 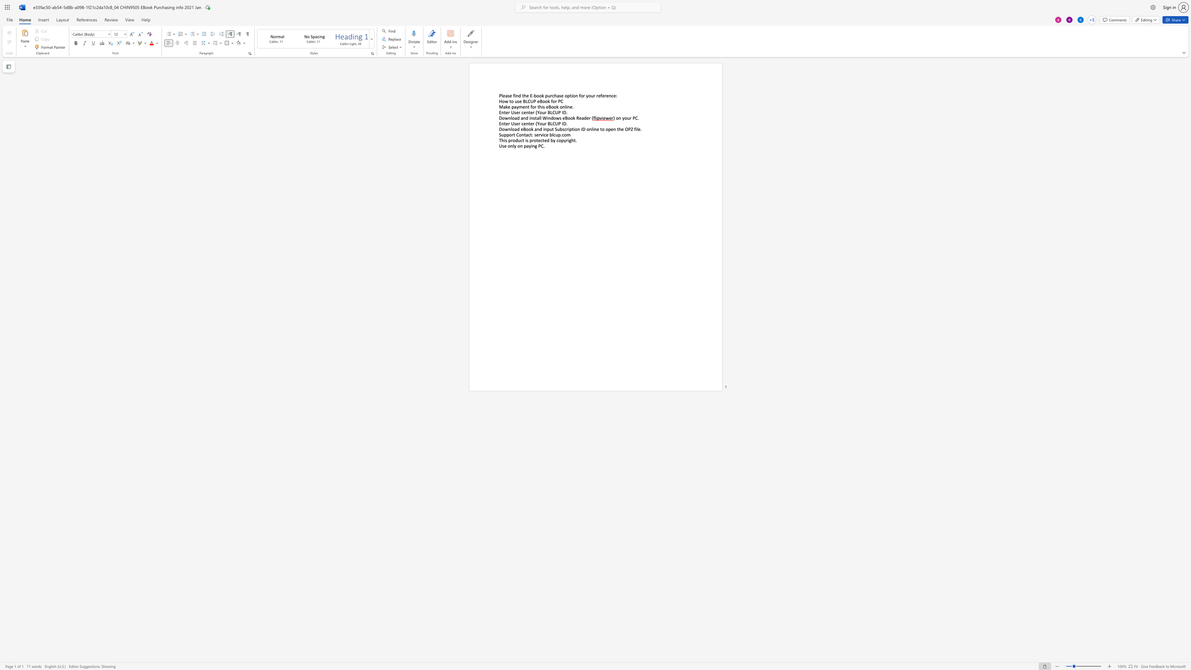 I want to click on the subset text "l Wind" within the text "Download and install Windows eBook Reader (", so click(x=540, y=118).